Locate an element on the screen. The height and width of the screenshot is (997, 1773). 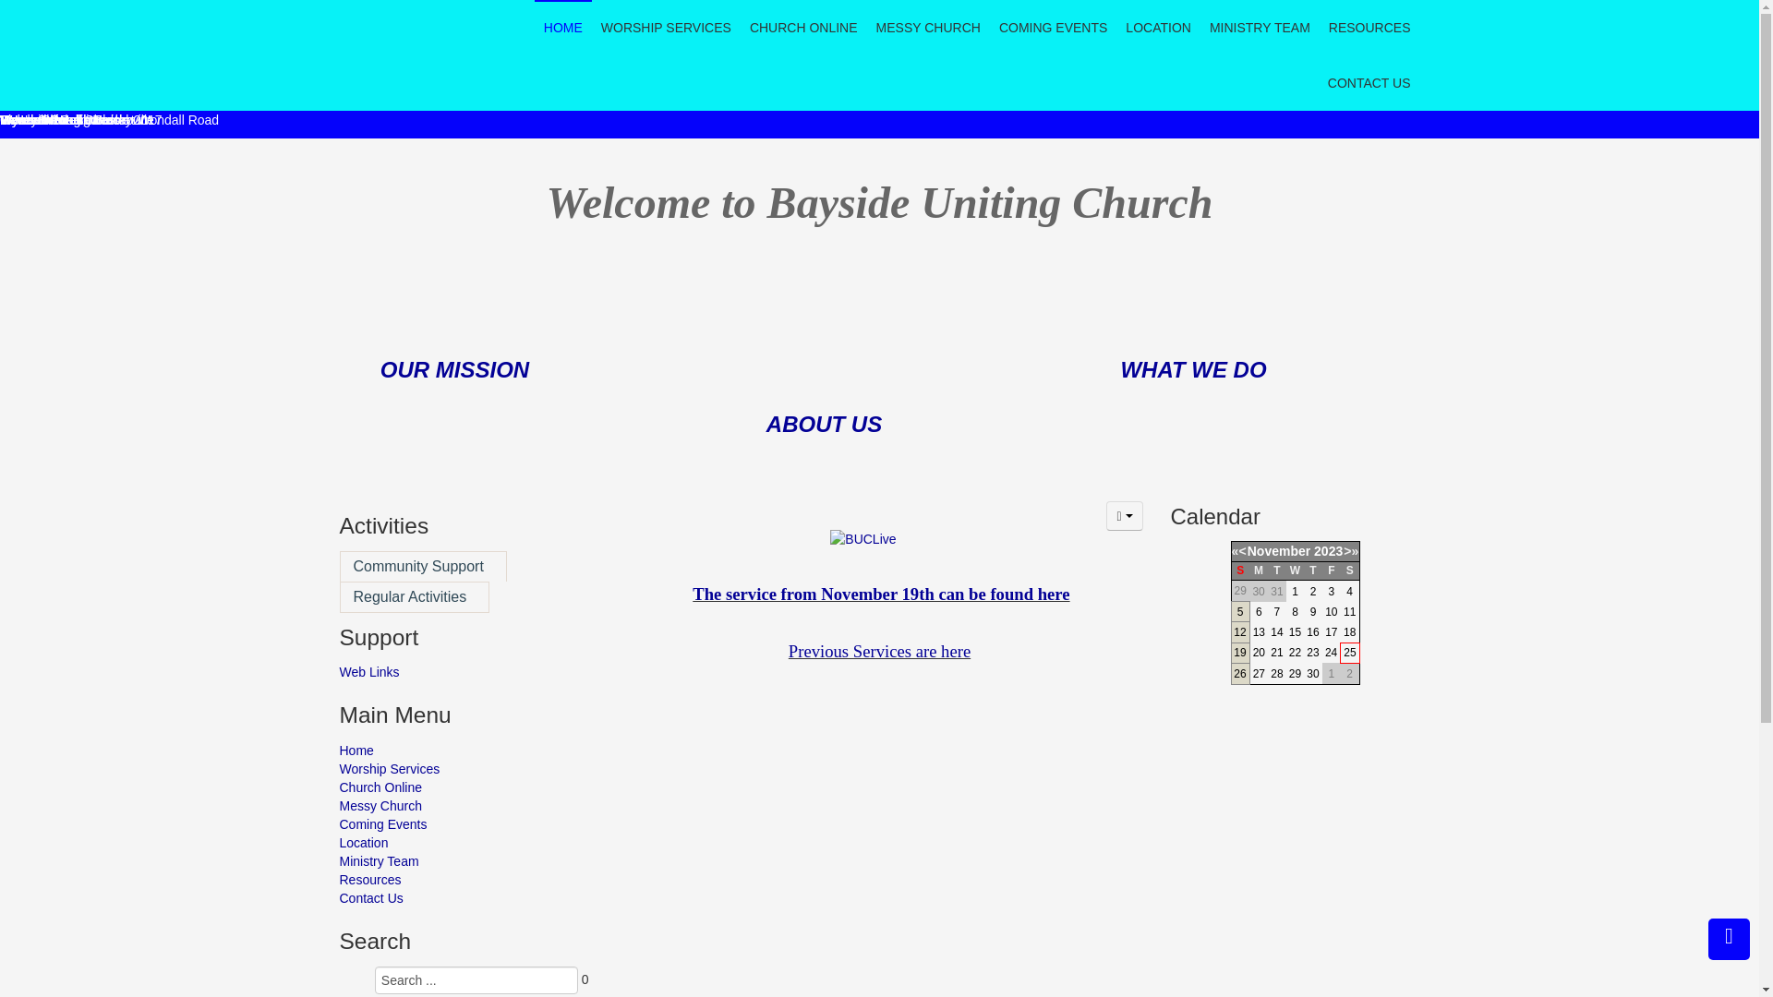
'17' is located at coordinates (1331, 631).